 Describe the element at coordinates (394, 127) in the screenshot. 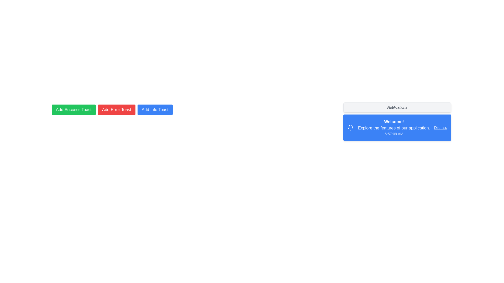

I see `the static text display that shows the greeting message 'Welcome! Explore the features of our application.' within the blue notification box` at that location.